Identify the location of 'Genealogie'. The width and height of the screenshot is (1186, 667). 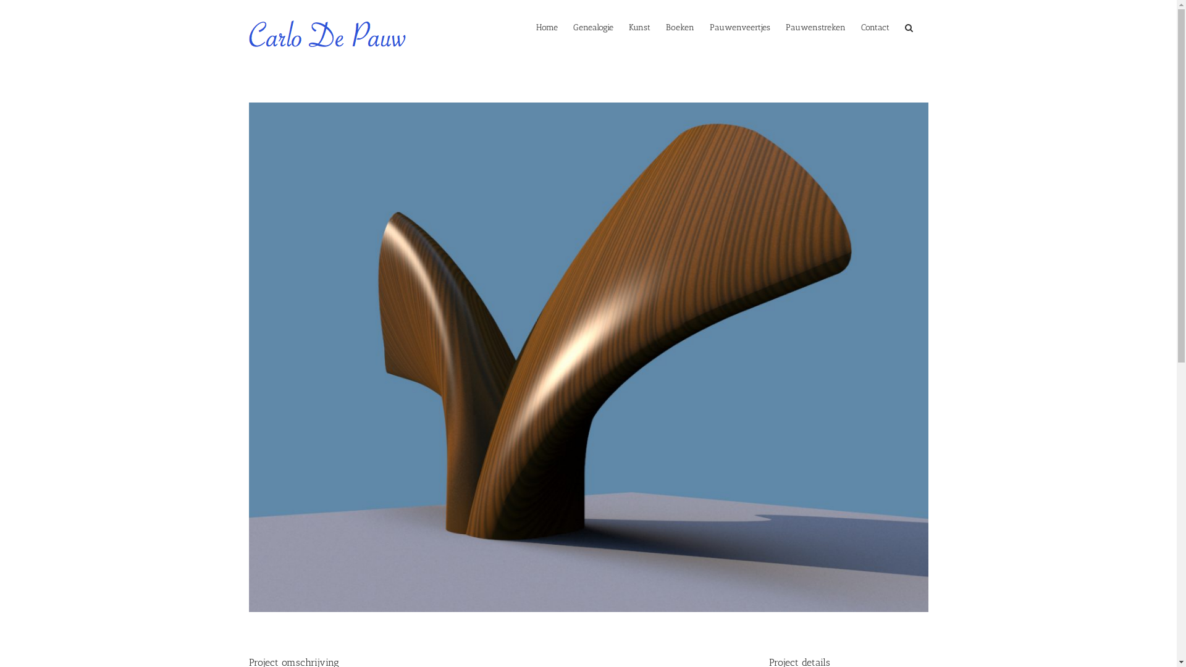
(593, 26).